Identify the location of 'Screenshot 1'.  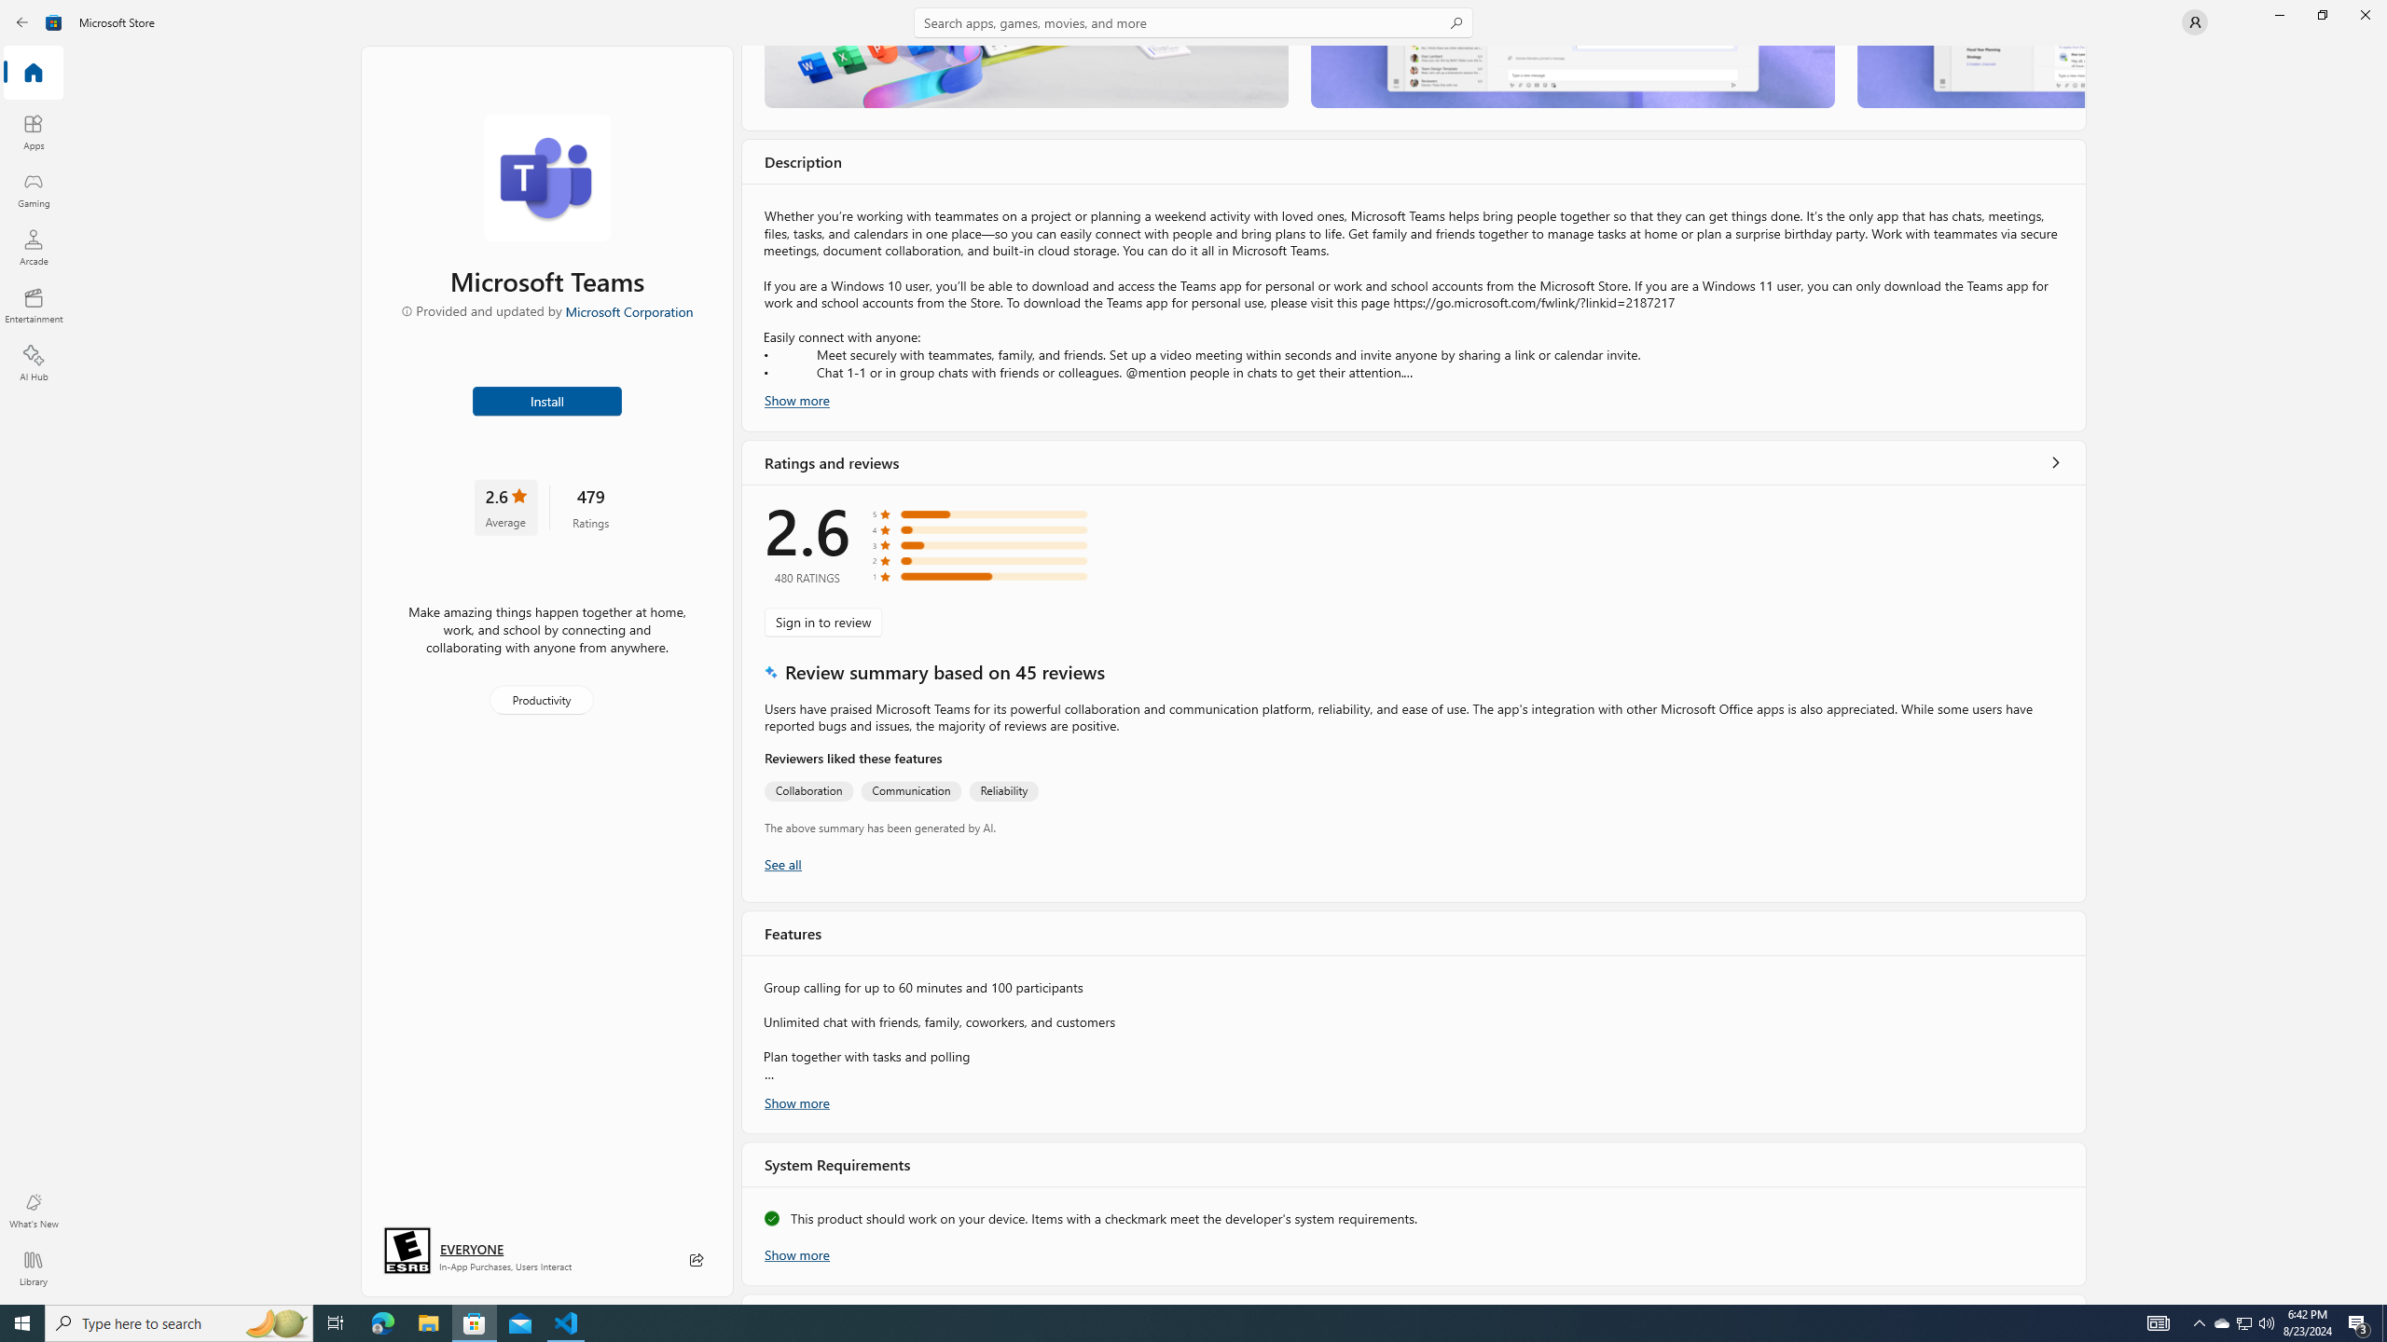
(1026, 75).